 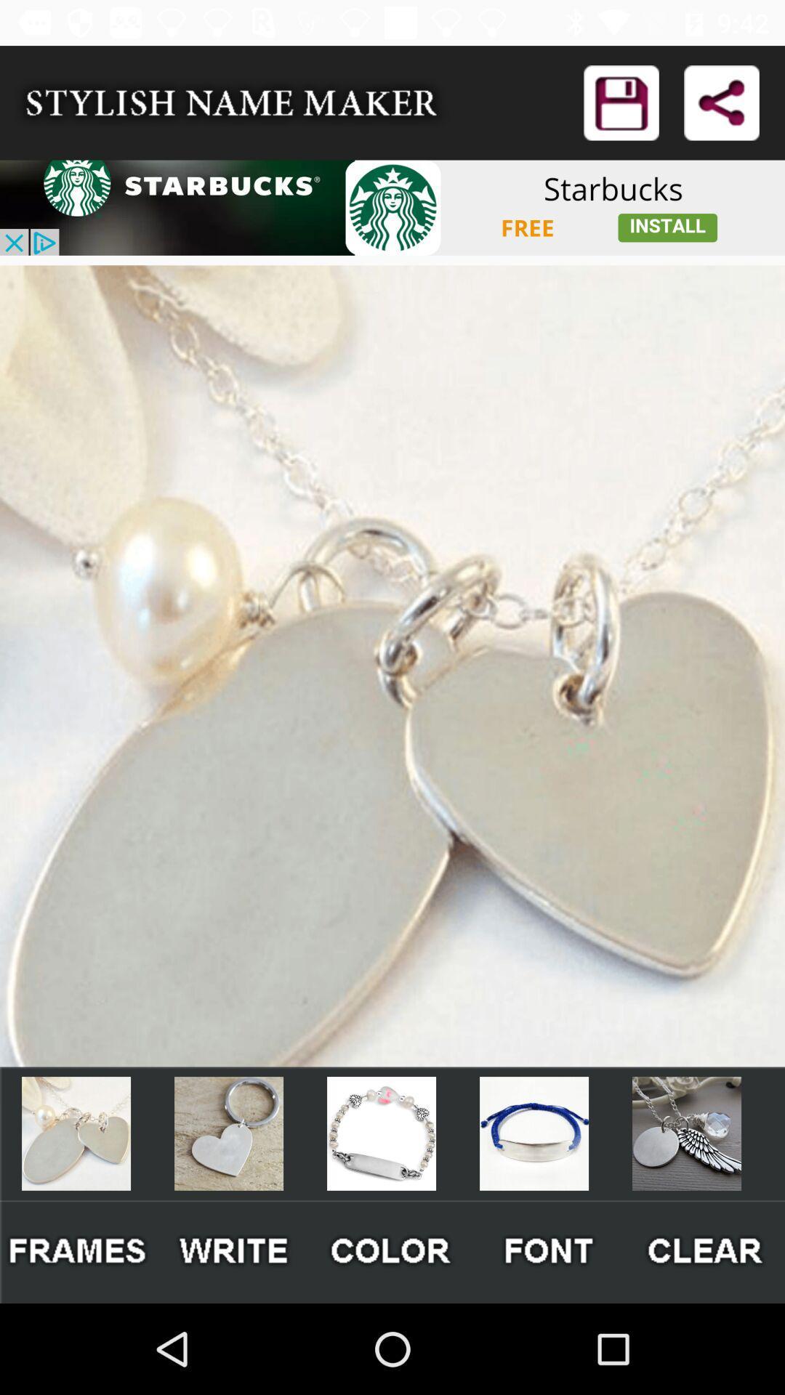 I want to click on the sliders icon, so click(x=549, y=1251).